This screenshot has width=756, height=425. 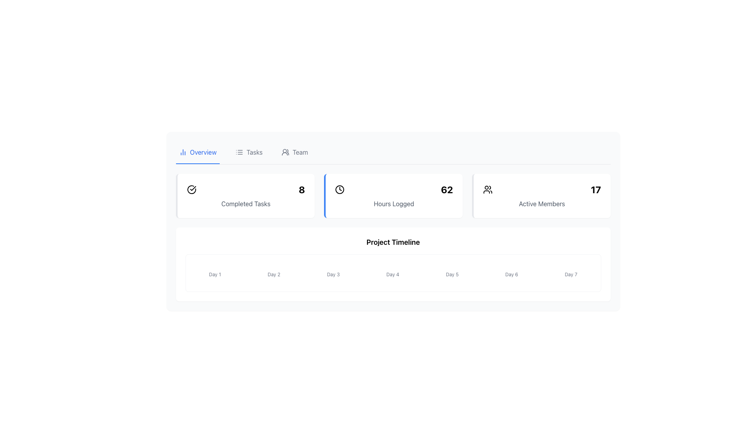 I want to click on the Information display card that shows the logged hours of '62', positioned in the second column of the top row in a three-column grid layout, so click(x=393, y=195).